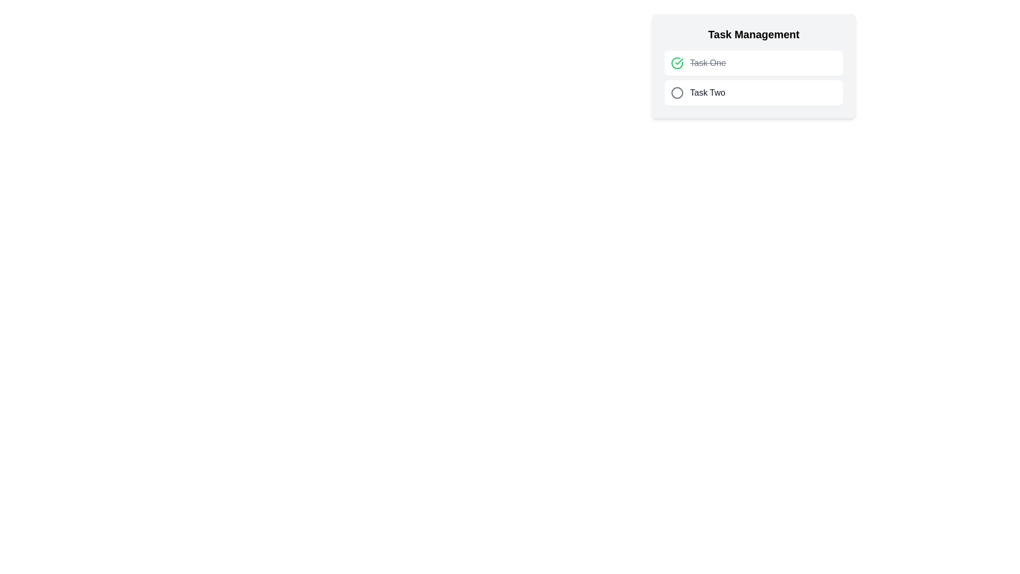 This screenshot has height=574, width=1020. I want to click on the text label displaying 'Task One' which is marked as completed with a gray line-through font to potentially reveal additional options, so click(708, 63).